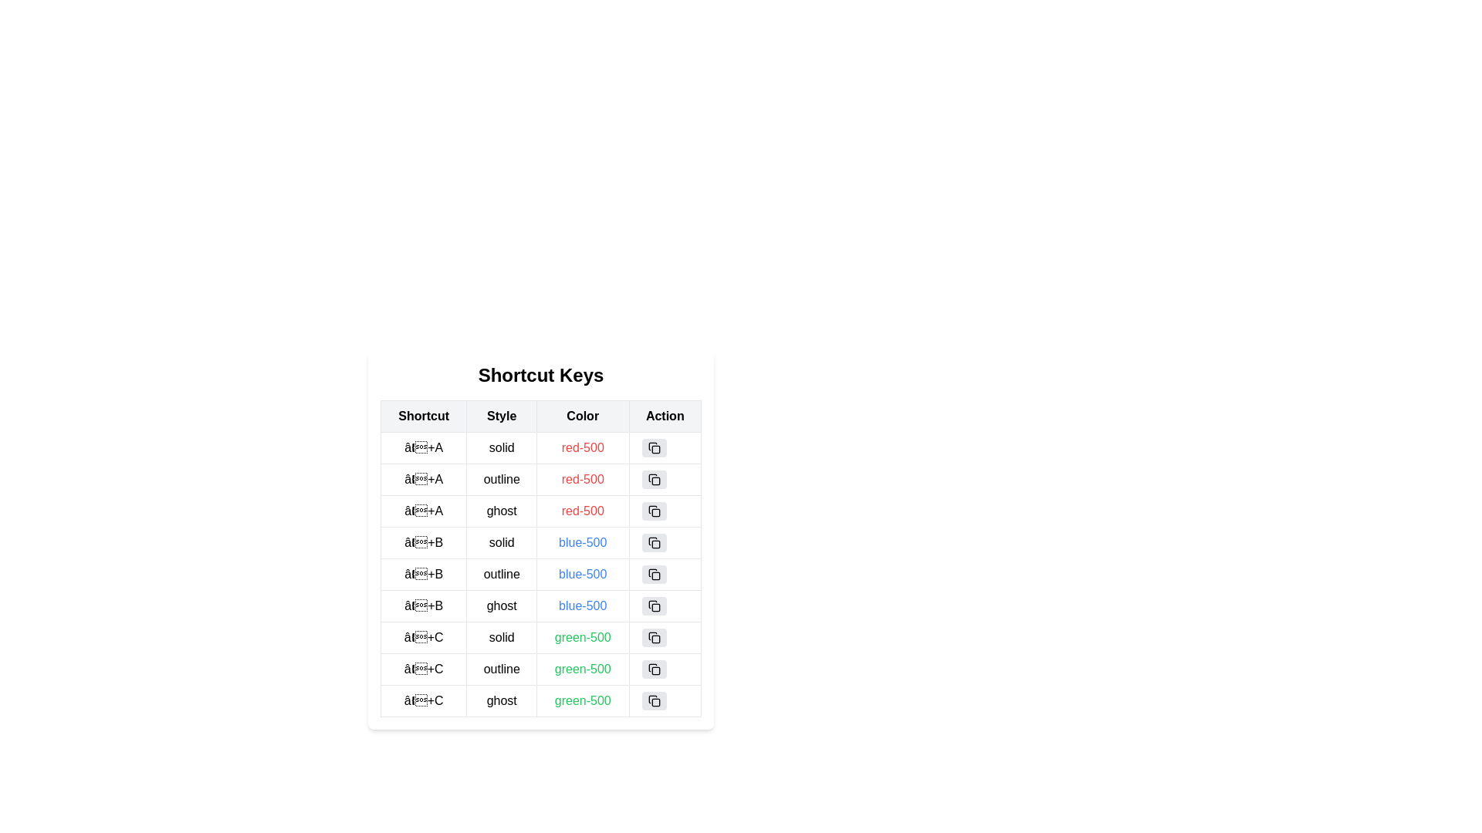 The image size is (1482, 833). Describe the element at coordinates (424, 511) in the screenshot. I see `the Text label displaying the shortcut key combination '⌘+A' in the third row of the 'Shortcut' column, which is styled with a border and padding` at that location.